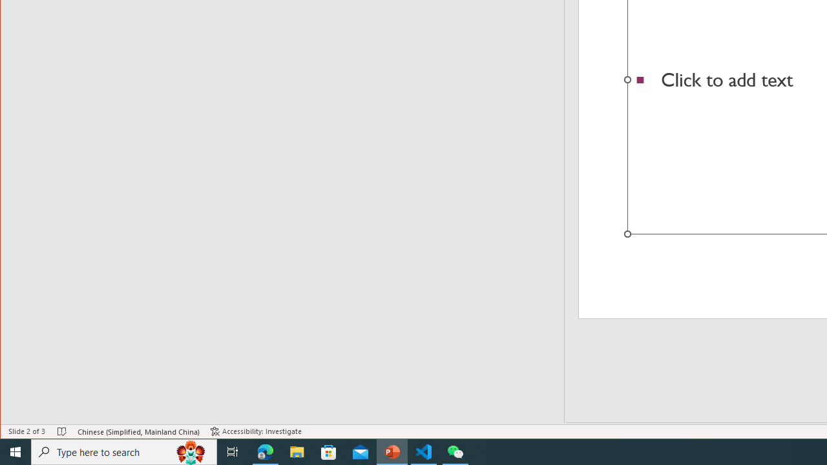 This screenshot has width=827, height=465. What do you see at coordinates (455, 451) in the screenshot?
I see `'WeChat - 1 running window'` at bounding box center [455, 451].